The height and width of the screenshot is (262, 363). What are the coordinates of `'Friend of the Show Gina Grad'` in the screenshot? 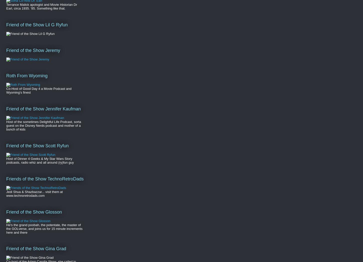 It's located at (36, 248).